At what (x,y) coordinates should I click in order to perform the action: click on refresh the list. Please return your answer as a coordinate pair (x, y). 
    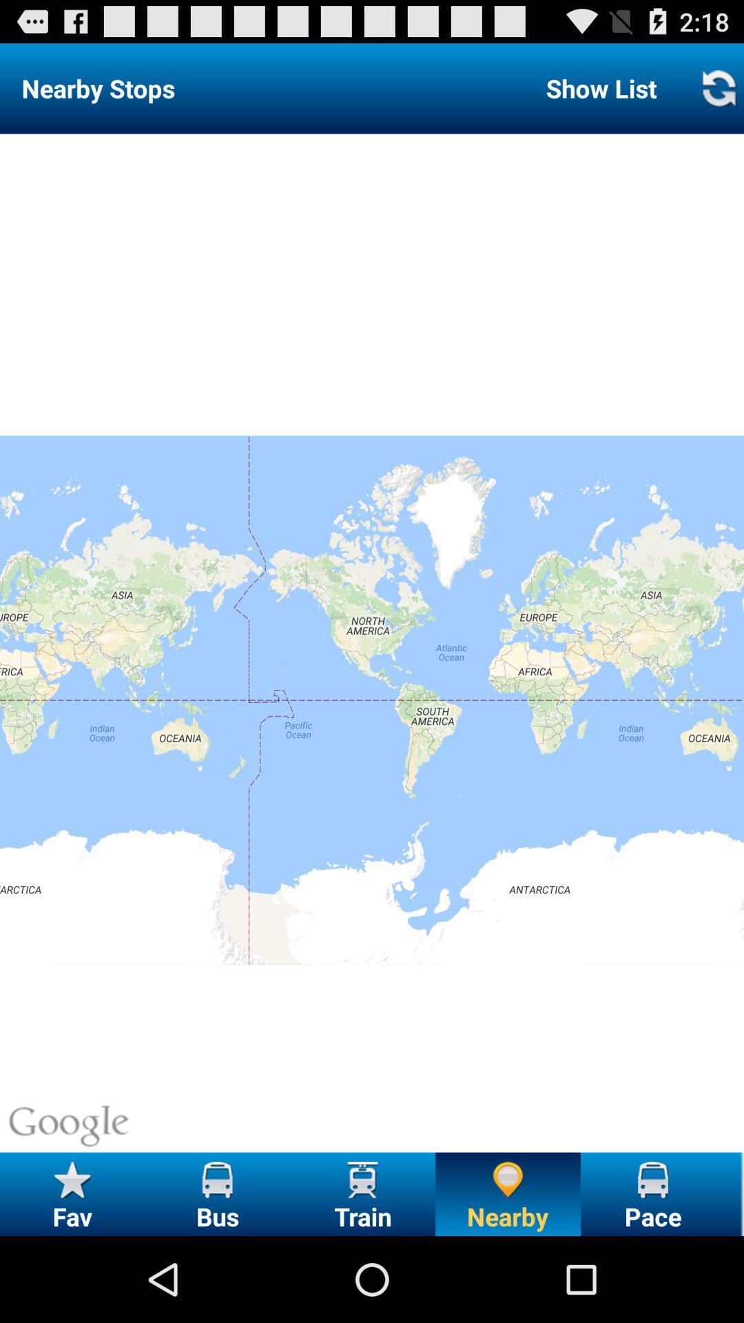
    Looking at the image, I should click on (718, 88).